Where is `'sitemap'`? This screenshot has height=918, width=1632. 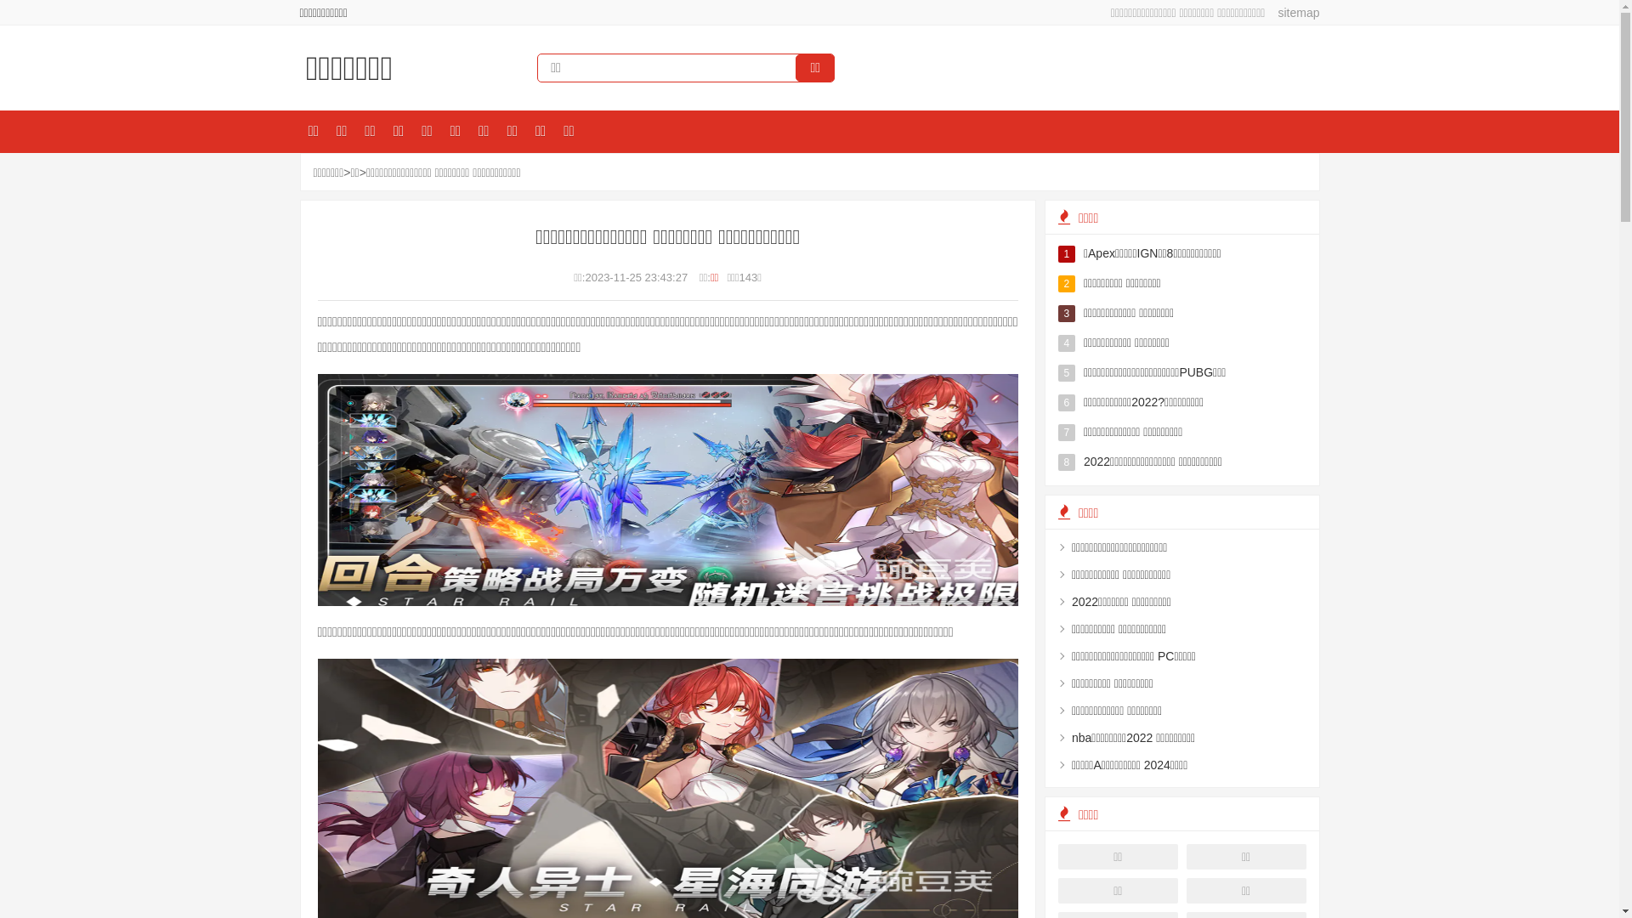
'sitemap' is located at coordinates (1265, 13).